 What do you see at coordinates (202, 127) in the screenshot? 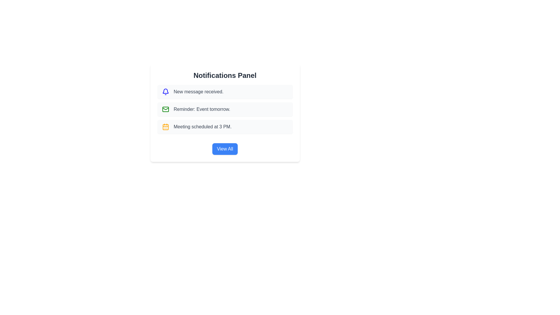
I see `the static text content of the third notification in the 'Notifications Panel' card providing details about an upcoming meeting` at bounding box center [202, 127].